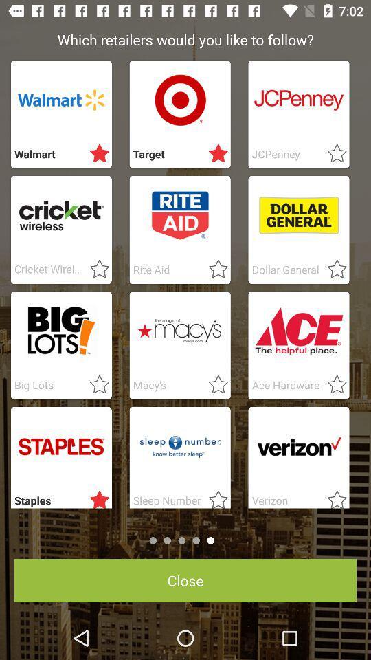 The width and height of the screenshot is (371, 660). Describe the element at coordinates (214, 269) in the screenshot. I see `starred` at that location.